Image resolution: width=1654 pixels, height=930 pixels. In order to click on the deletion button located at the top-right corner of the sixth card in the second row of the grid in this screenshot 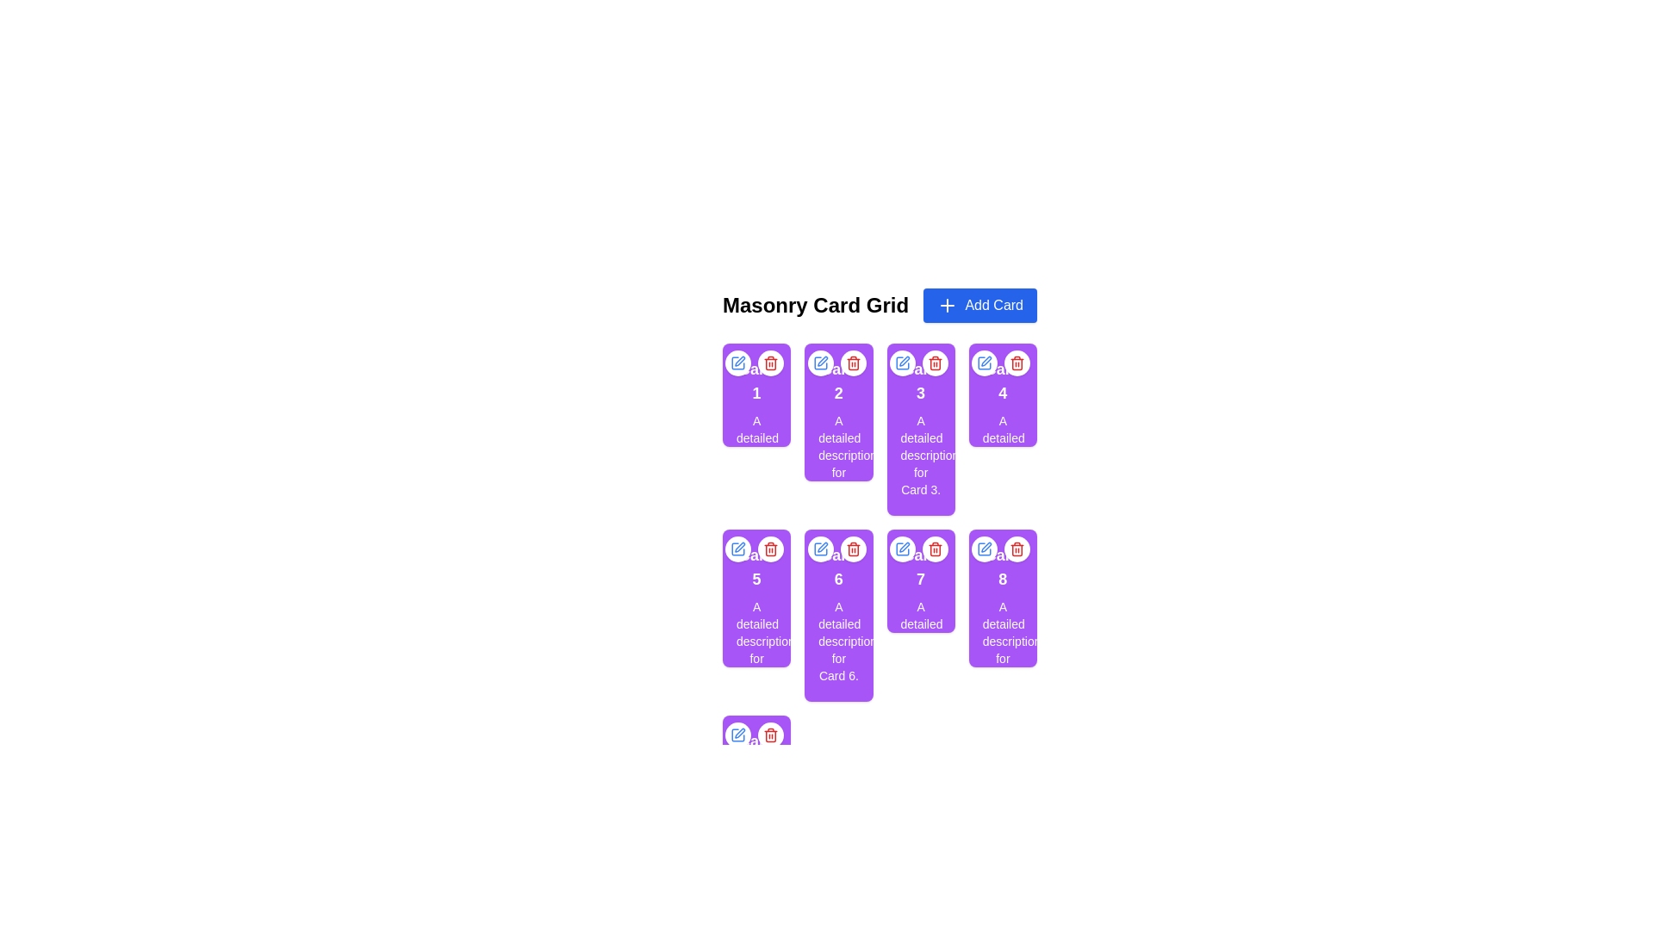, I will do `click(853, 549)`.